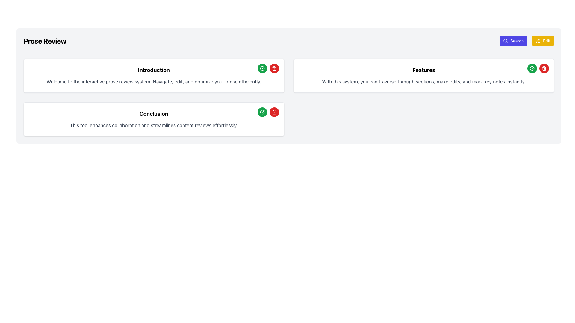 The width and height of the screenshot is (575, 323). Describe the element at coordinates (154, 70) in the screenshot. I see `the heading text element located in the 'Introduction' pane, which summarizes the topic of the pane's contents` at that location.